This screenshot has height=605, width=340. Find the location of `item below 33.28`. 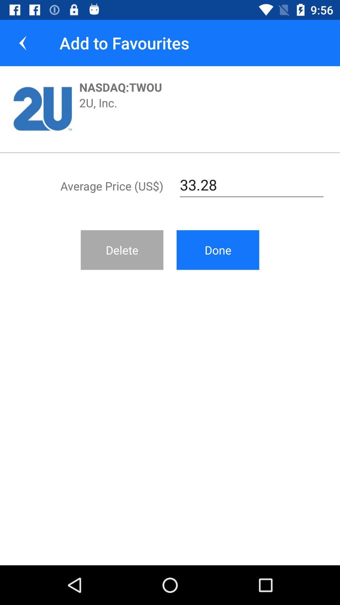

item below 33.28 is located at coordinates (218, 250).